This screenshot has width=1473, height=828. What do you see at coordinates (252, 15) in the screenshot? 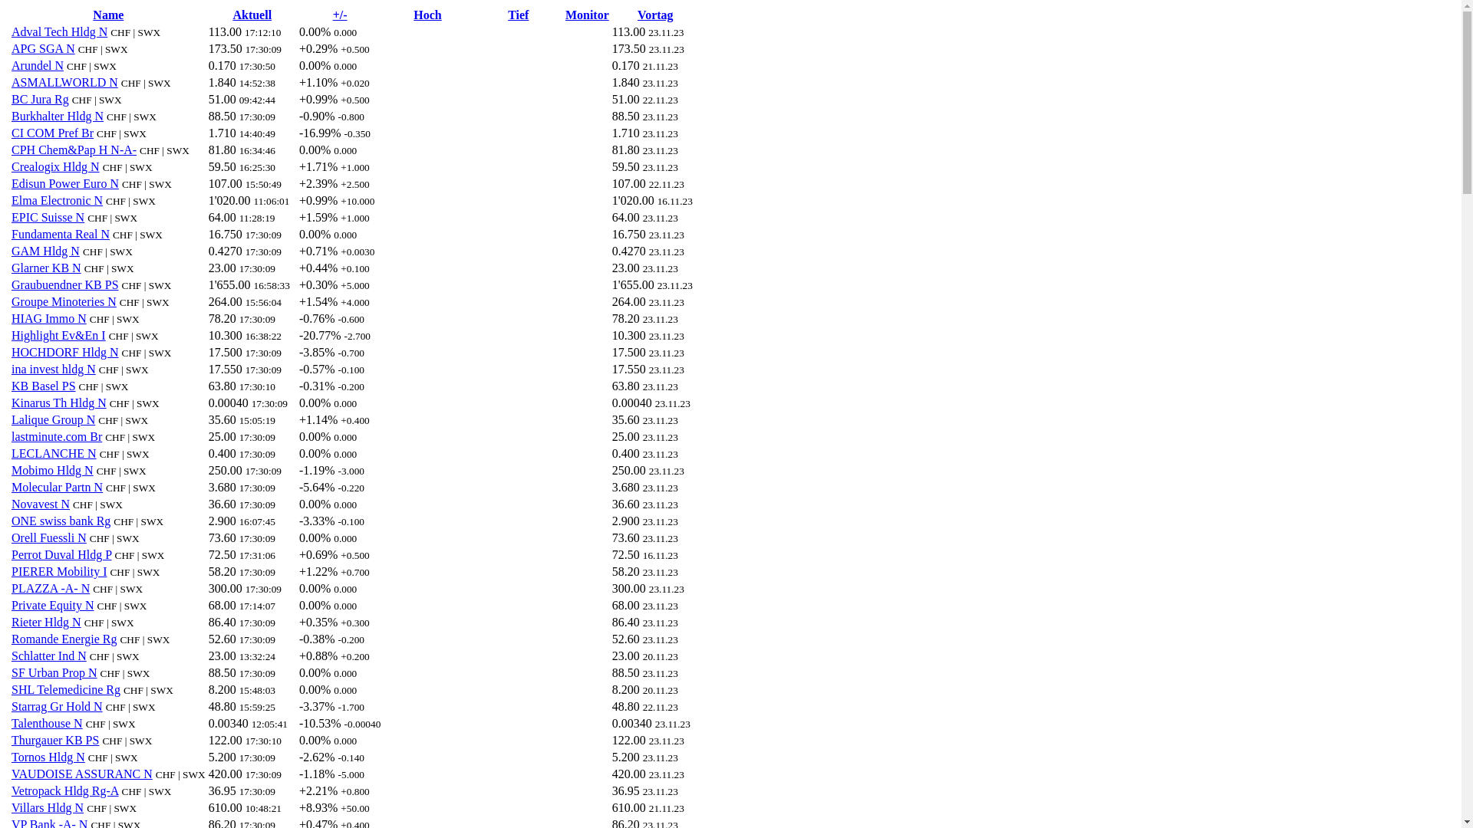
I see `'Aktuell'` at bounding box center [252, 15].